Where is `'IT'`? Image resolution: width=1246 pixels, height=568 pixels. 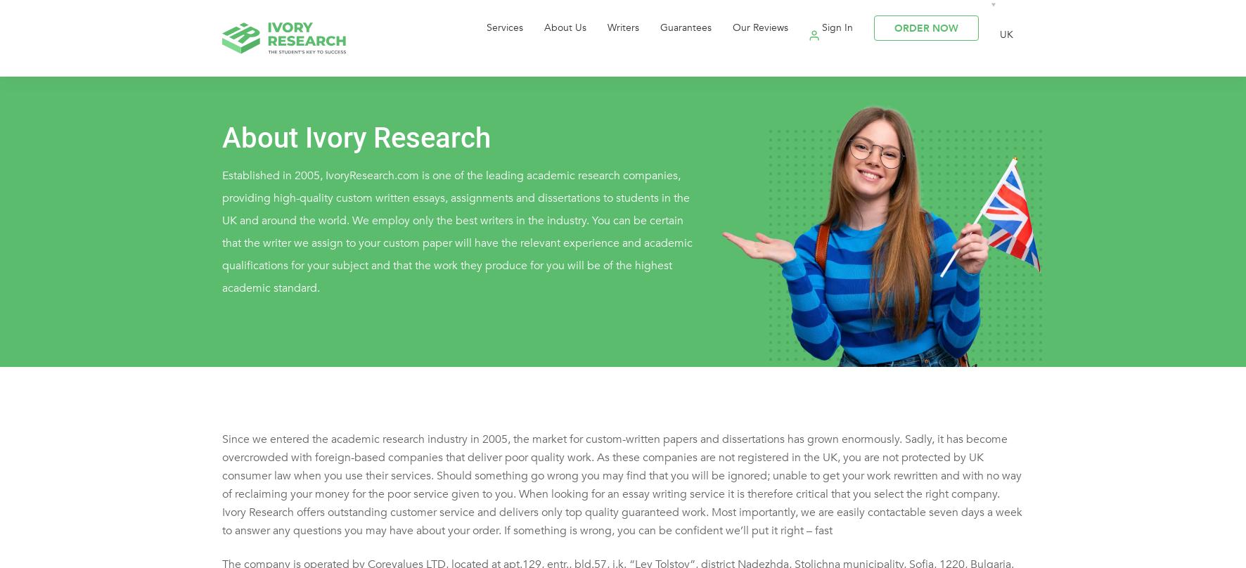
'IT' is located at coordinates (974, 169).